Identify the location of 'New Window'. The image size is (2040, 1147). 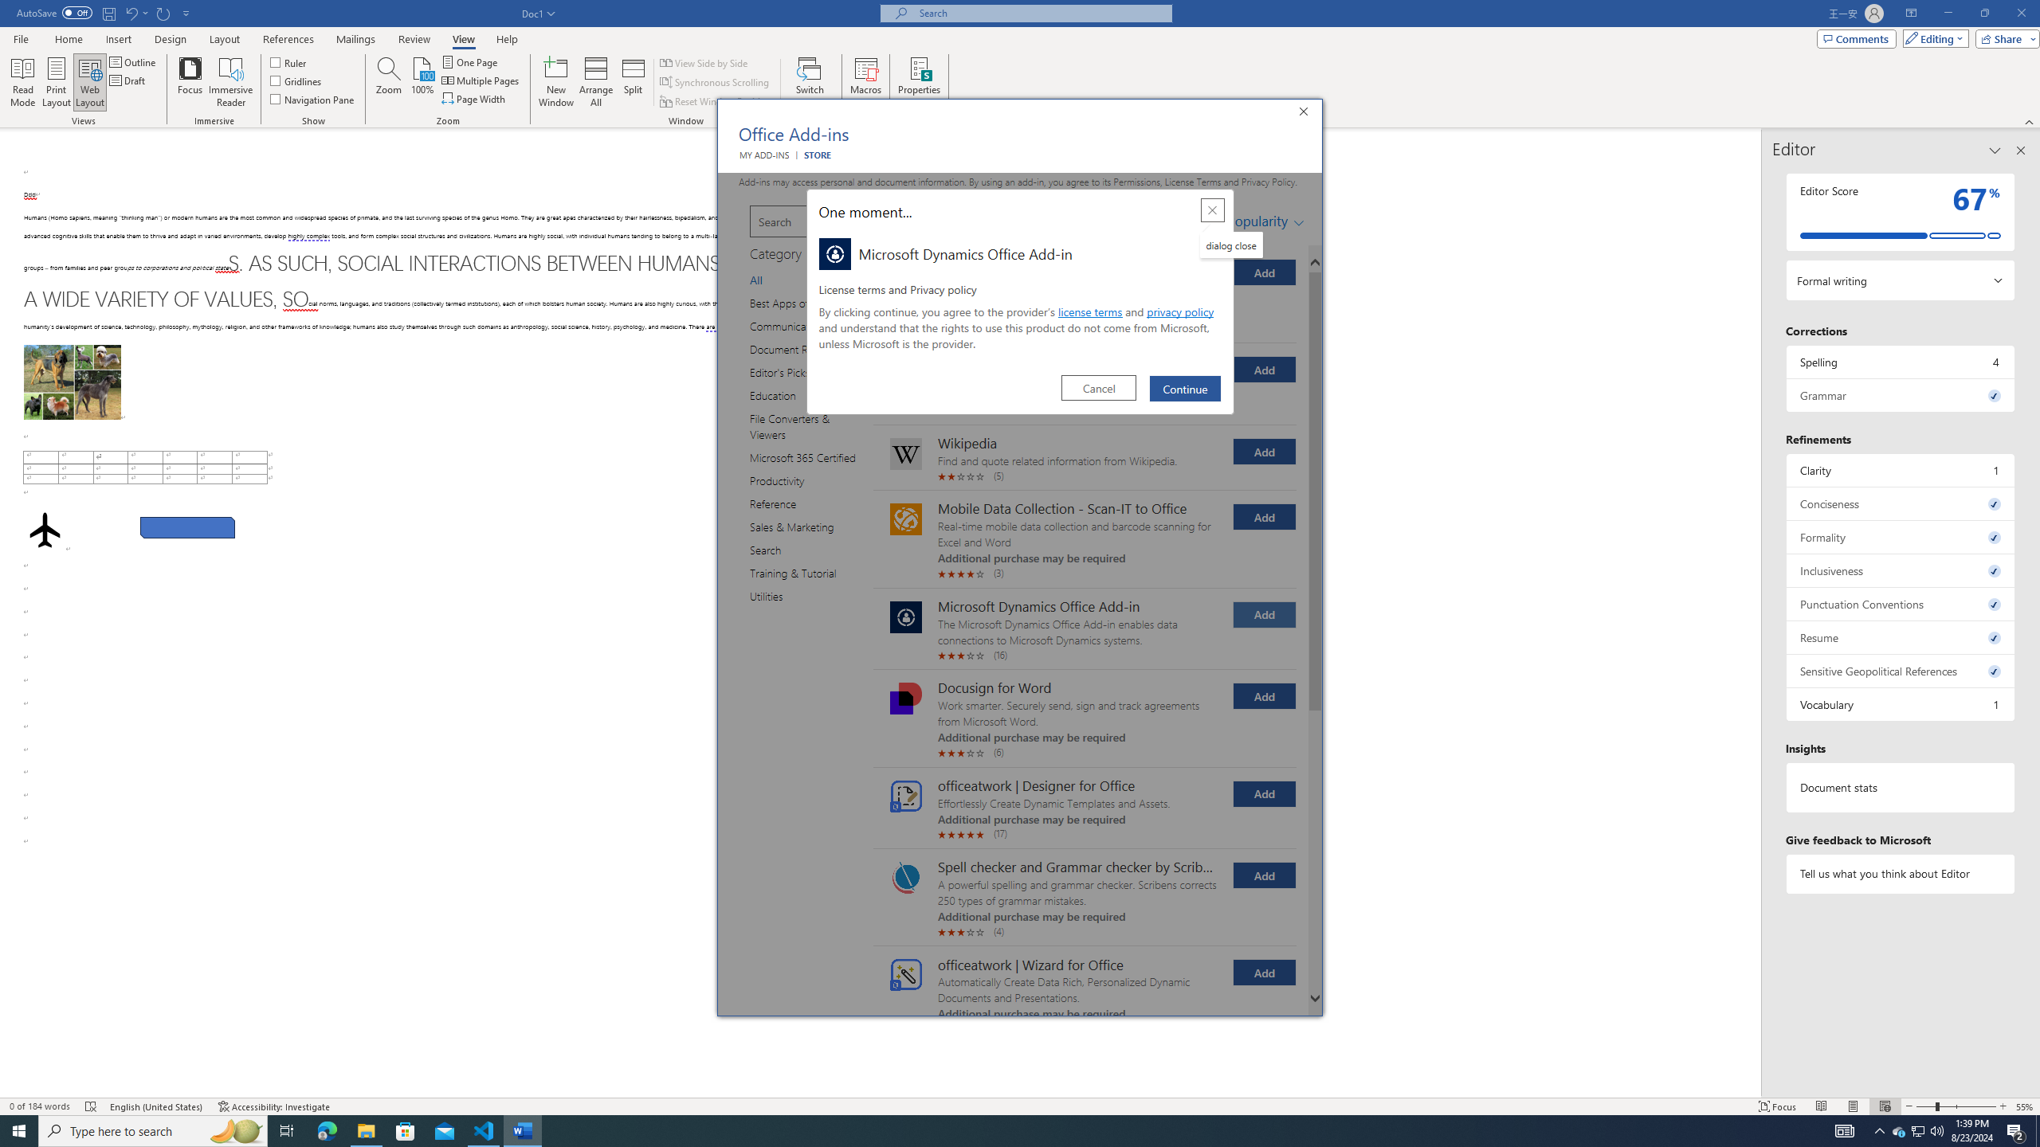
(555, 82).